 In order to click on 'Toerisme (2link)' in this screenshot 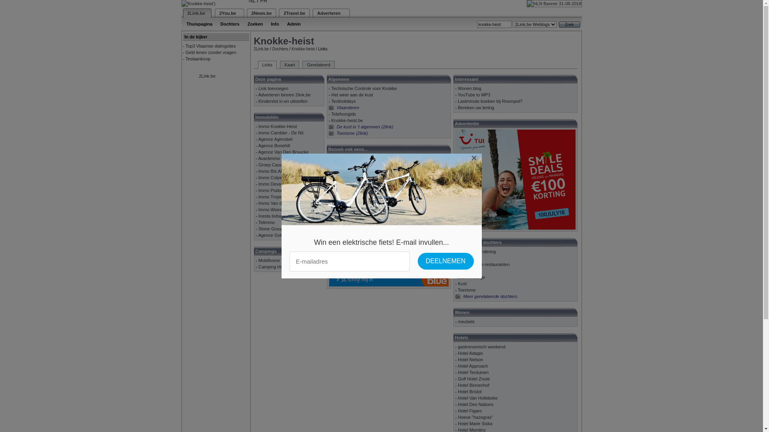, I will do `click(352, 132)`.